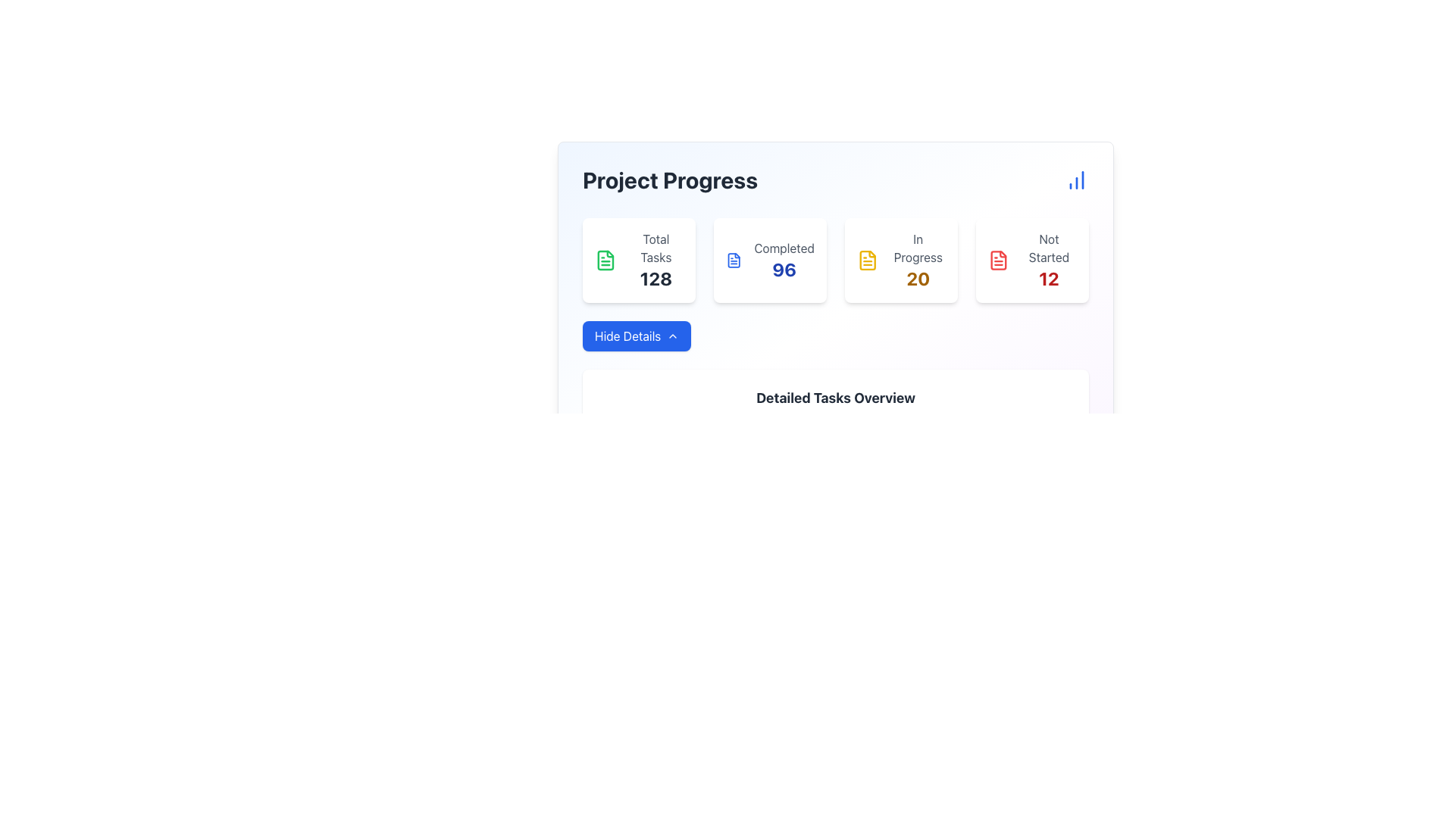  What do you see at coordinates (868, 259) in the screenshot?
I see `the 'In Progress' status icon located prominently to the left of the text '20' in the third column of the 'Project Progress' dashboard` at bounding box center [868, 259].